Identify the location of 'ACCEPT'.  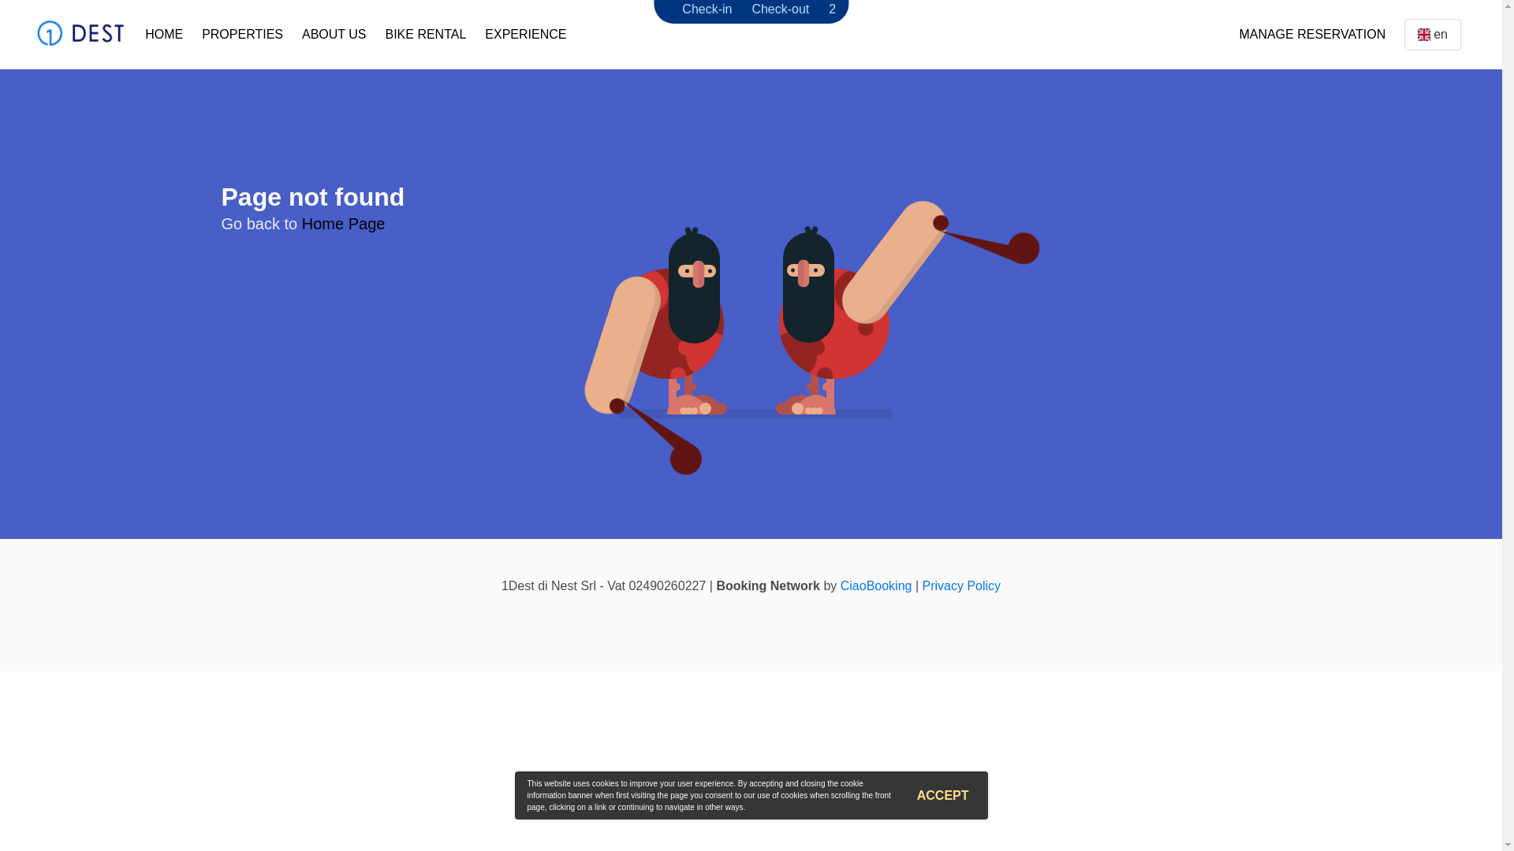
(942, 796).